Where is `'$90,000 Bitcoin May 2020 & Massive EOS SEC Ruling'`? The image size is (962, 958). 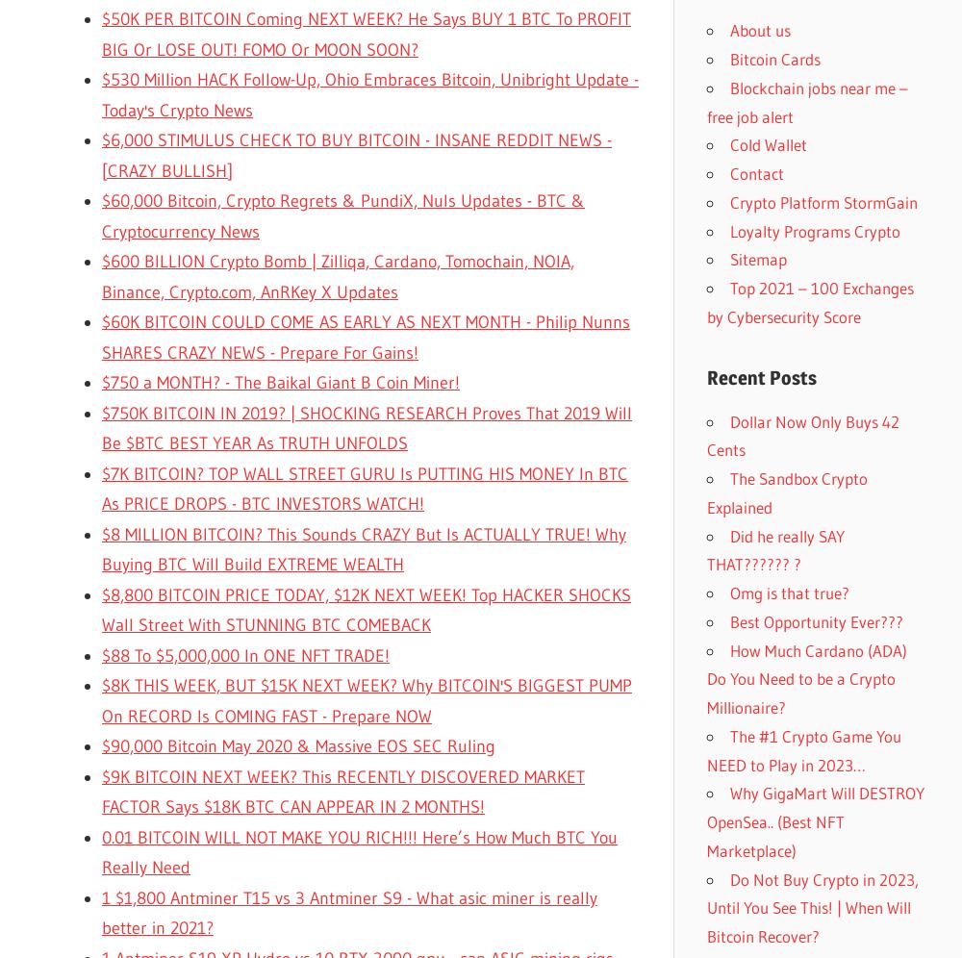 '$90,000 Bitcoin May 2020 & Massive EOS SEC Ruling' is located at coordinates (101, 745).